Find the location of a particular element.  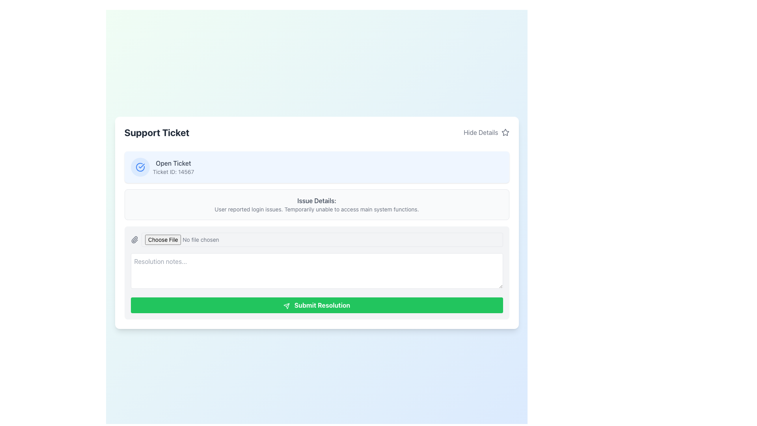

the 'Hide Details' interactive link with a star icon located at the top right corner of the 'Support Ticket' section header to hide the details is located at coordinates (486, 132).